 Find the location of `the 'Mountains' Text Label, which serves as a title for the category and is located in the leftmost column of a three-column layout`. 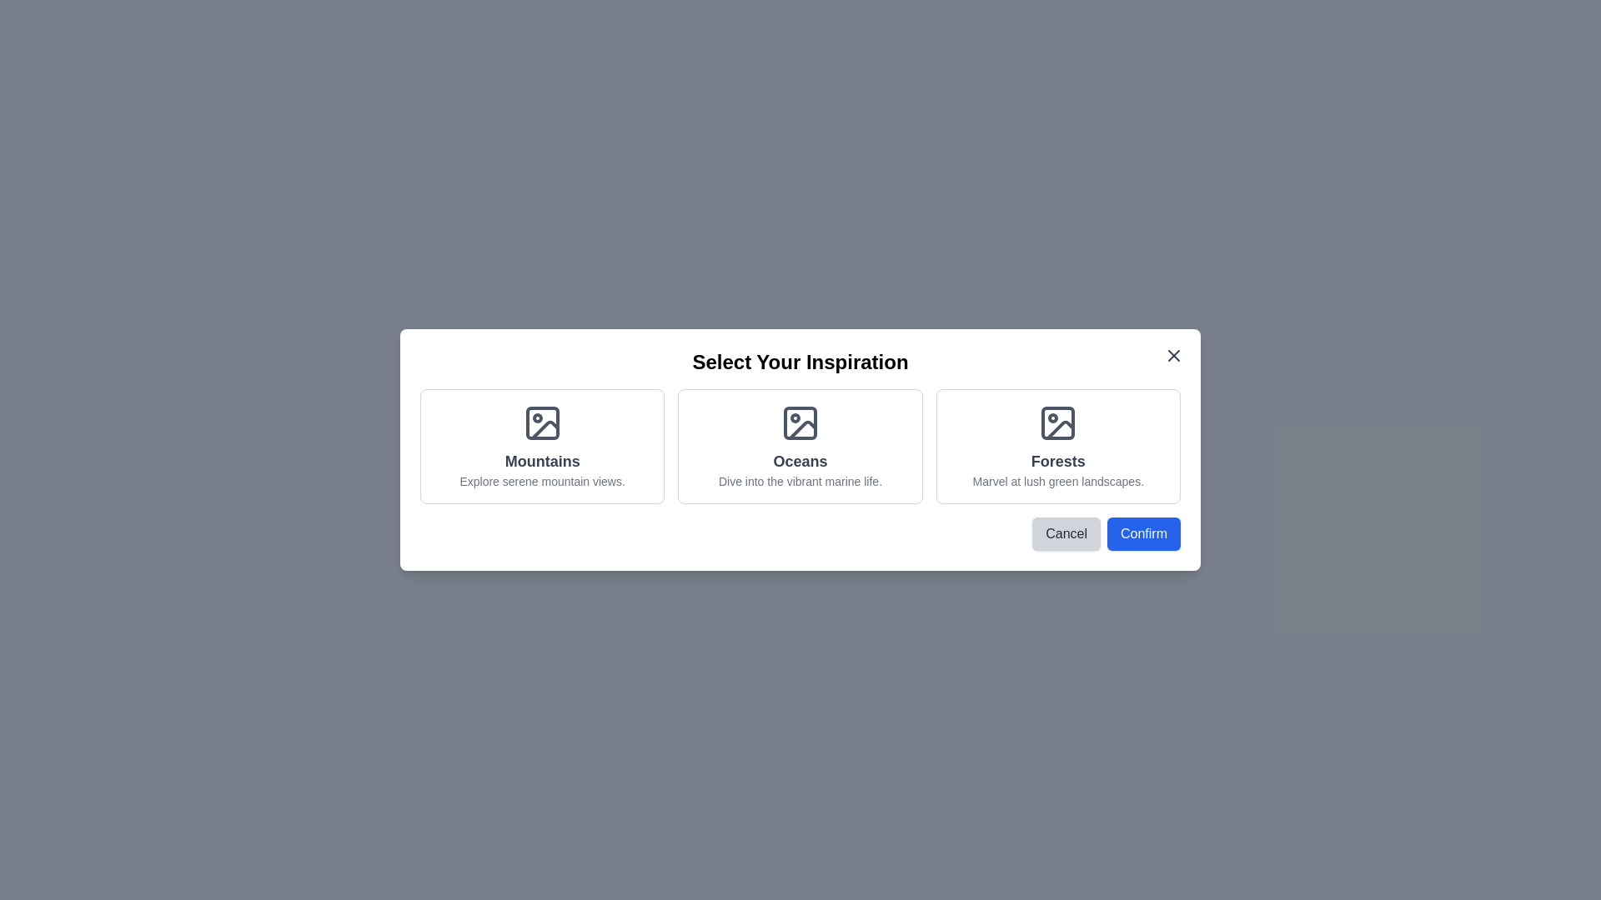

the 'Mountains' Text Label, which serves as a title for the category and is located in the leftmost column of a three-column layout is located at coordinates (542, 462).